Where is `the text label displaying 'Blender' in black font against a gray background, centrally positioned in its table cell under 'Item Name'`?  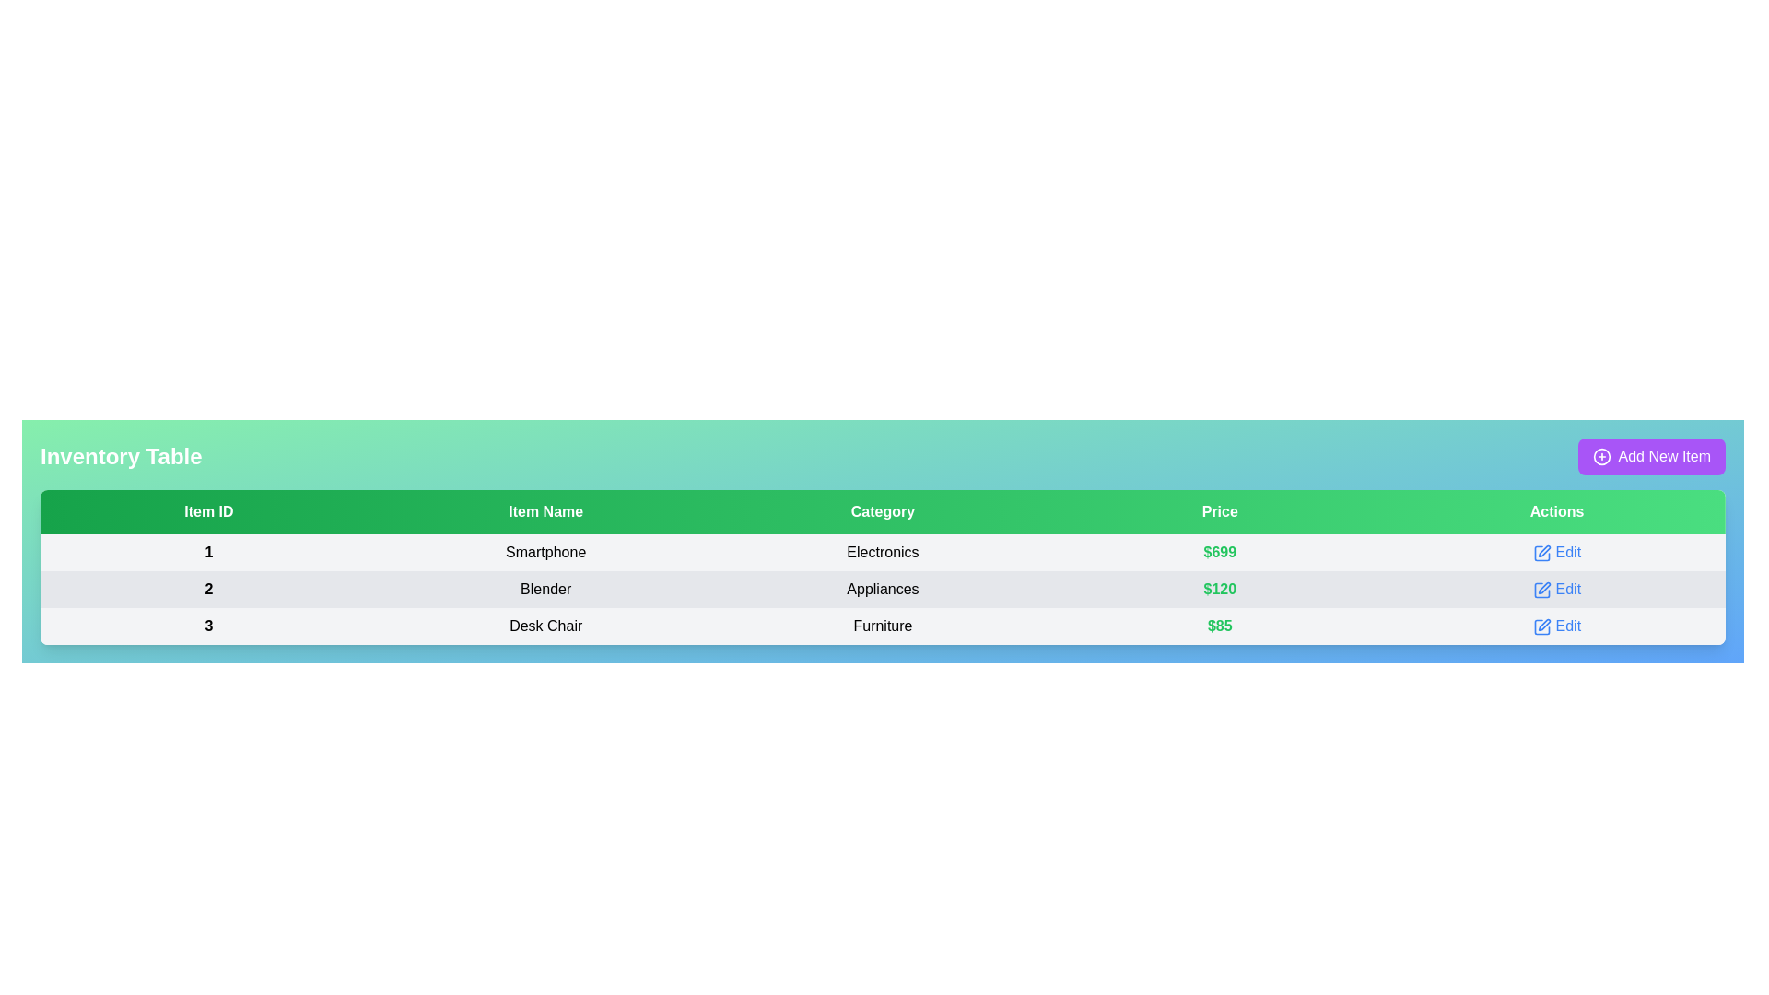
the text label displaying 'Blender' in black font against a gray background, centrally positioned in its table cell under 'Item Name' is located at coordinates (545, 590).